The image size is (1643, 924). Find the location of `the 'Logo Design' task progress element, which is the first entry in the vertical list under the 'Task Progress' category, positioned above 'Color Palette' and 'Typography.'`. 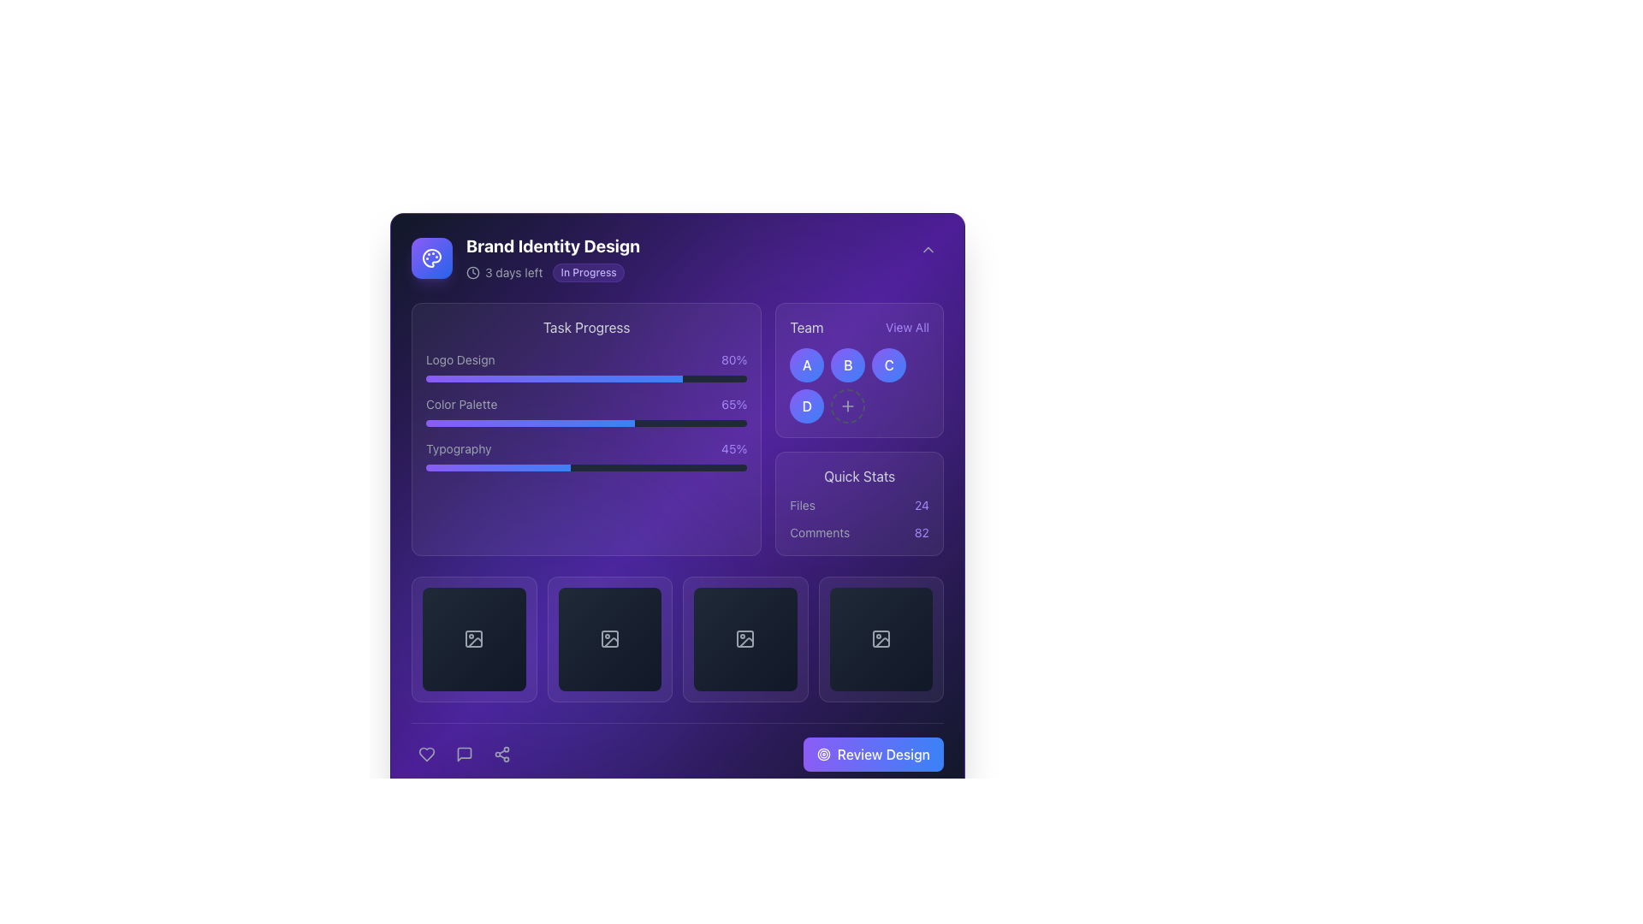

the 'Logo Design' task progress element, which is the first entry in the vertical list under the 'Task Progress' category, positioned above 'Color Palette' and 'Typography.' is located at coordinates (586, 358).